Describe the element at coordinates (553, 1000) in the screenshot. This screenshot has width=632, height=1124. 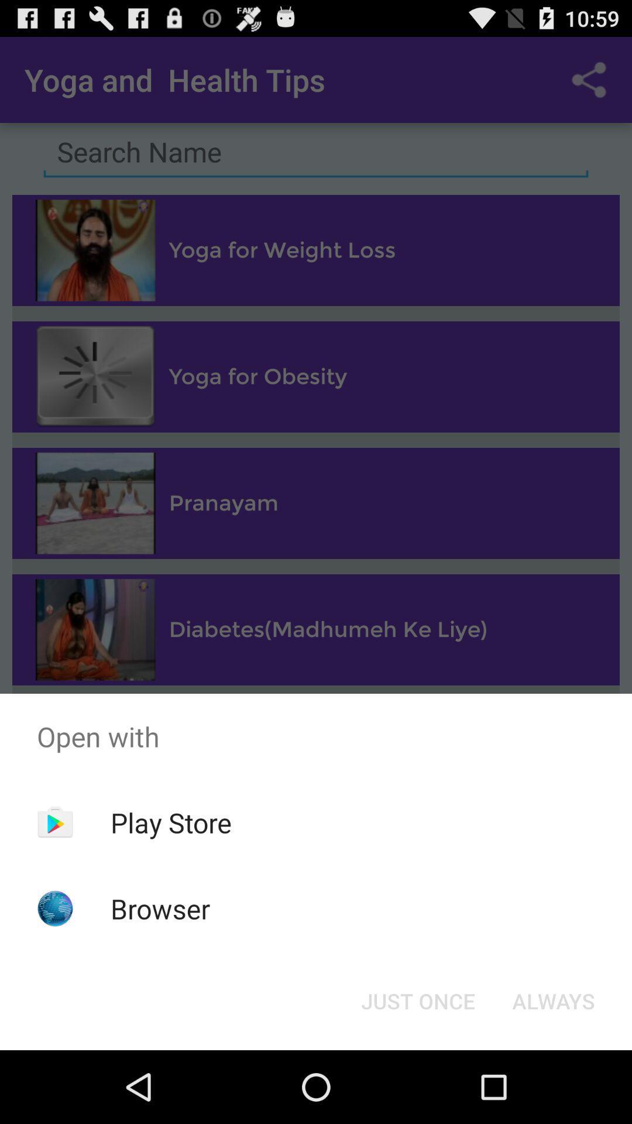
I see `the item below the open with icon` at that location.